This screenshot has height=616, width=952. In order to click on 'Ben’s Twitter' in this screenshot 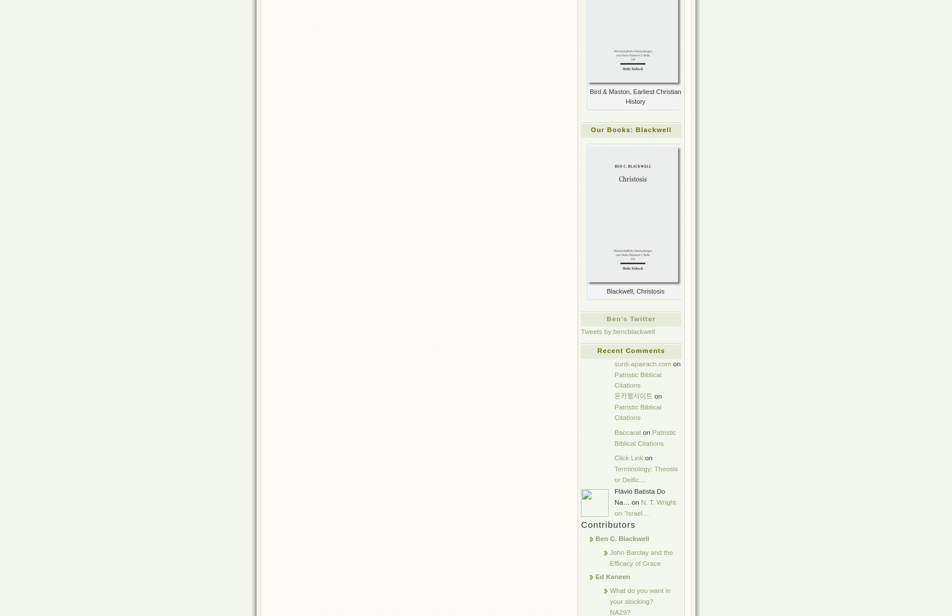, I will do `click(606, 317)`.